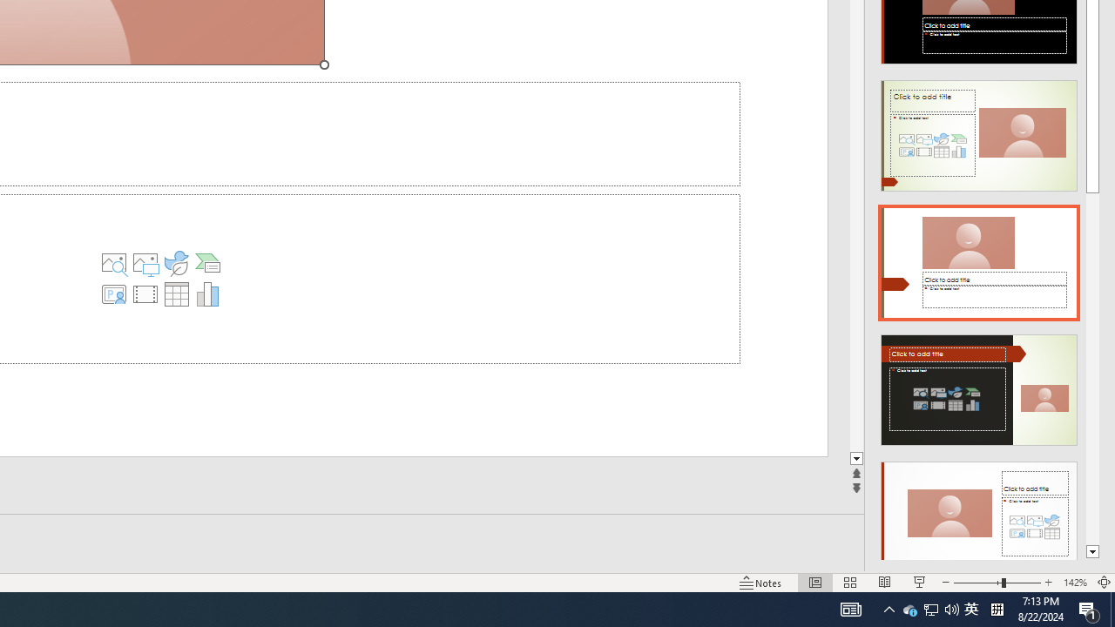  What do you see at coordinates (207, 293) in the screenshot?
I see `'Insert Chart'` at bounding box center [207, 293].